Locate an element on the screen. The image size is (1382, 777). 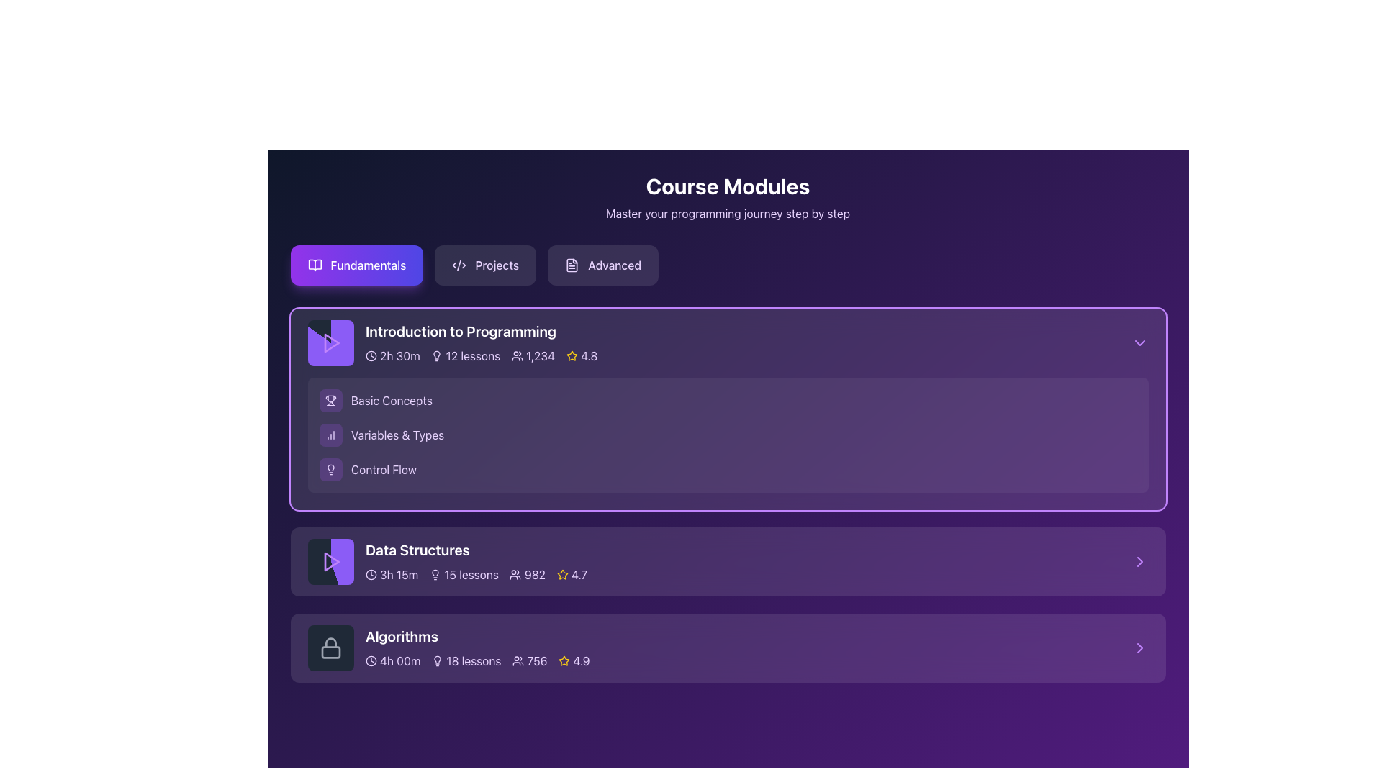
the third Text Label element under the 'Introduction to Programming' course module is located at coordinates (383, 469).